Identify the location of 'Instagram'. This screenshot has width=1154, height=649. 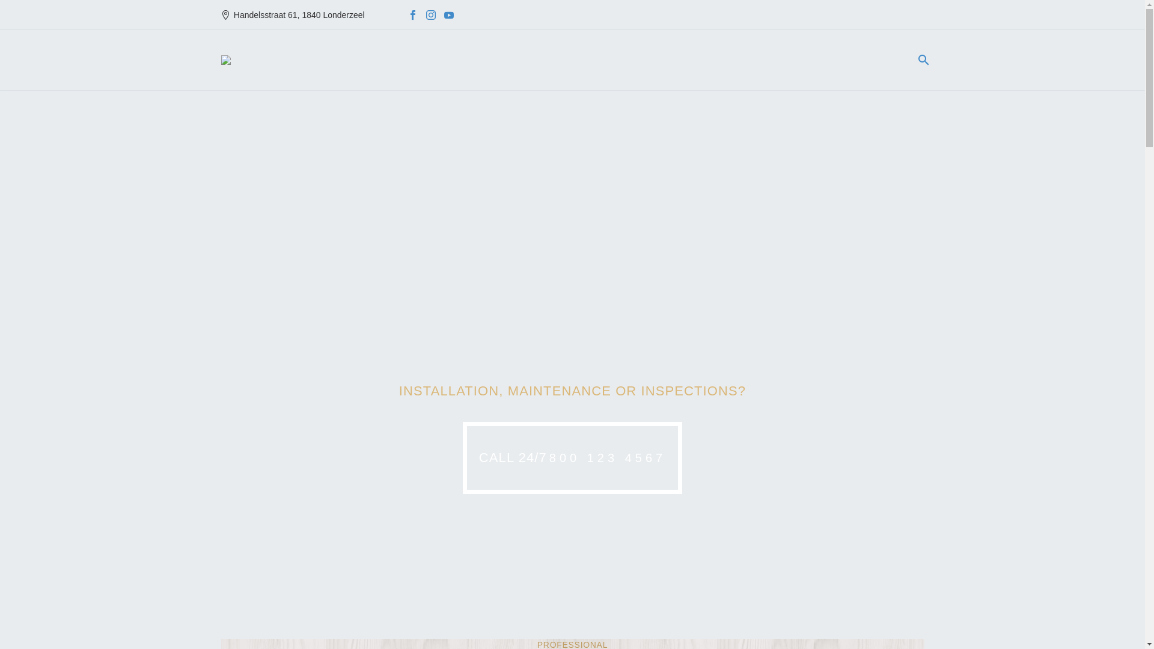
(430, 14).